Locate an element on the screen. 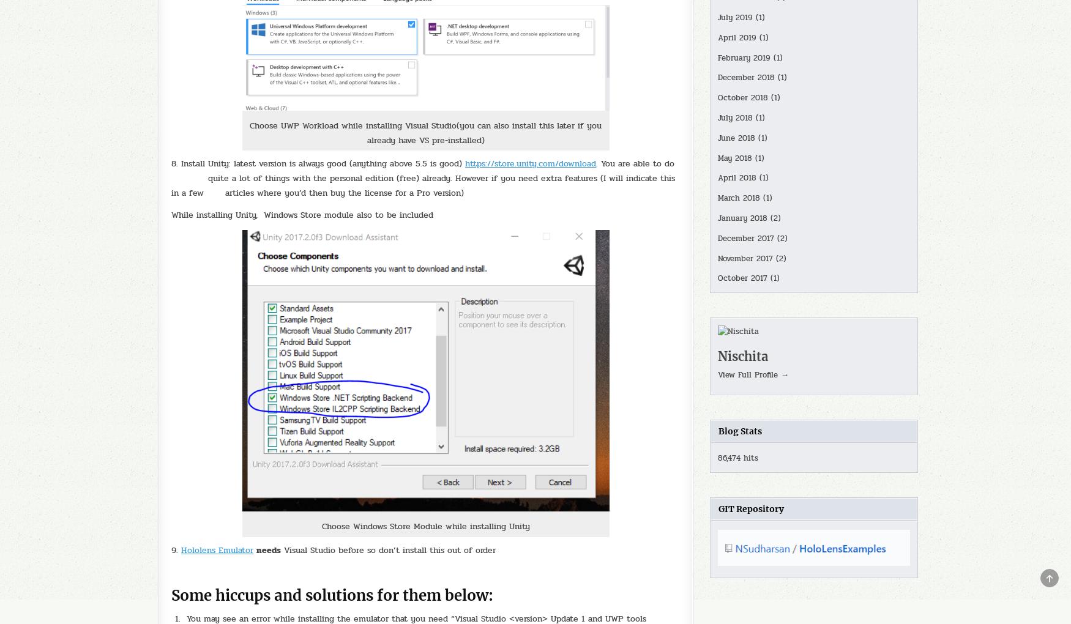  'October 2017' is located at coordinates (742, 278).